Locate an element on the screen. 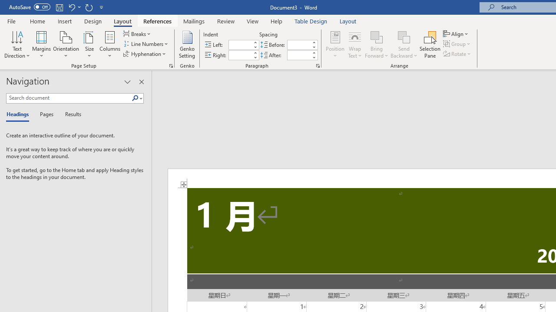 The width and height of the screenshot is (556, 312). 'Undo Insert Row Below' is located at coordinates (71, 7).